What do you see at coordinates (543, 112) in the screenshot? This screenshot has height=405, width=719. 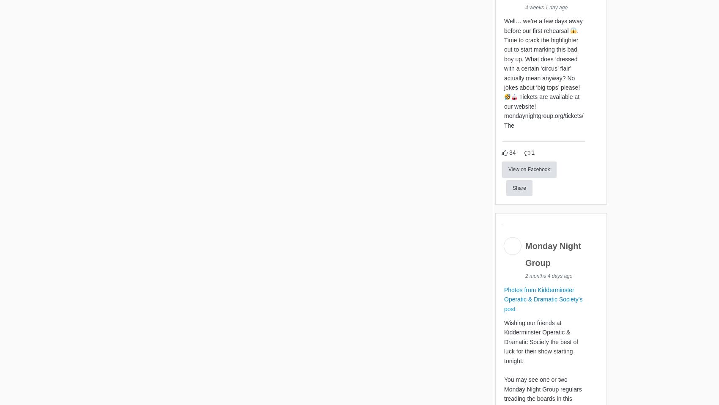 I see `'Tickets are available at our website! mondaynightgroup.org/tickets/ The'` at bounding box center [543, 112].